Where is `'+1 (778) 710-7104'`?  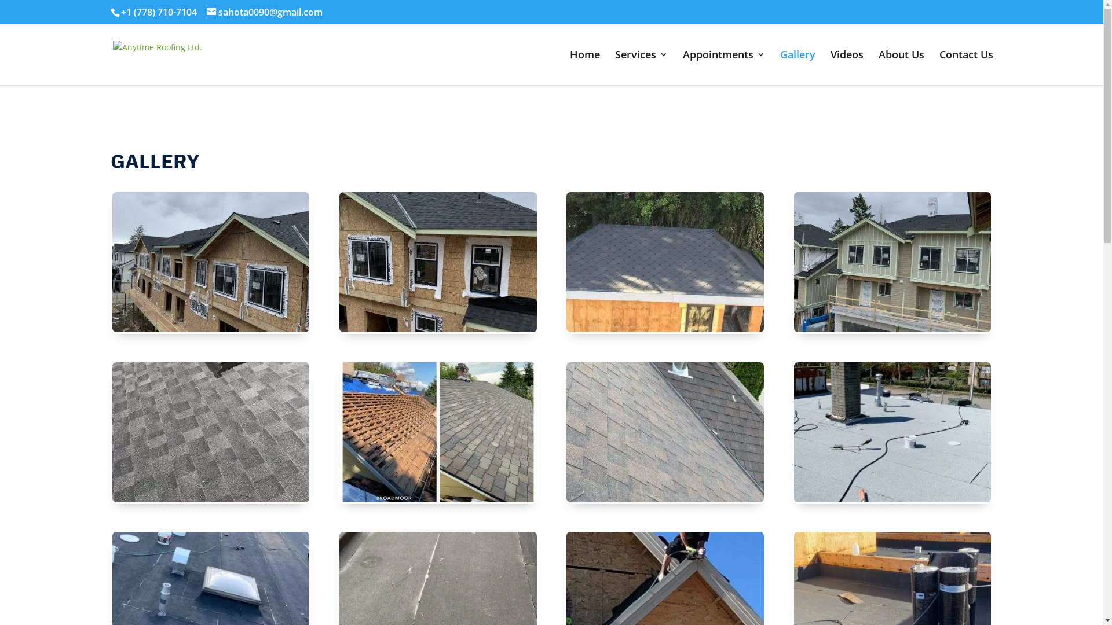
'+1 (778) 710-7104' is located at coordinates (158, 12).